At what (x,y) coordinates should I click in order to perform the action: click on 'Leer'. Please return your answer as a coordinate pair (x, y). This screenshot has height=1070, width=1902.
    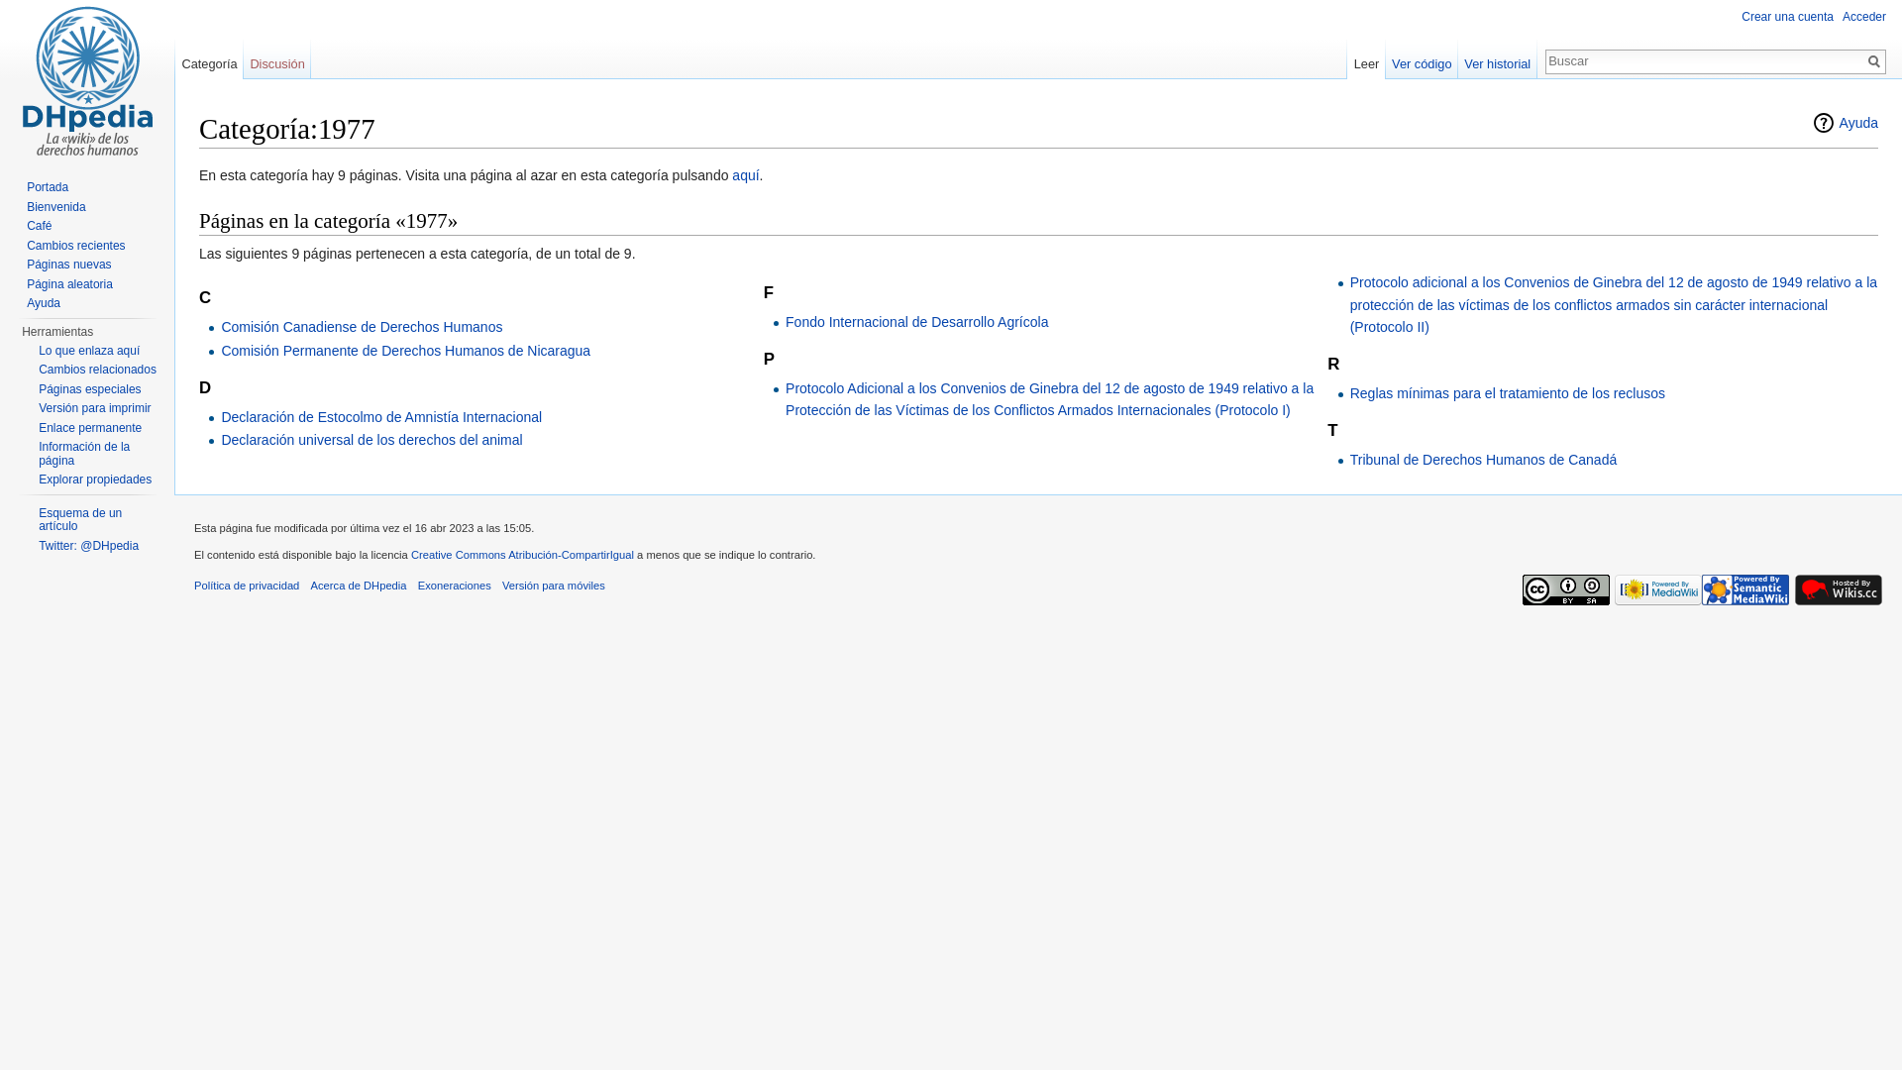
    Looking at the image, I should click on (1364, 58).